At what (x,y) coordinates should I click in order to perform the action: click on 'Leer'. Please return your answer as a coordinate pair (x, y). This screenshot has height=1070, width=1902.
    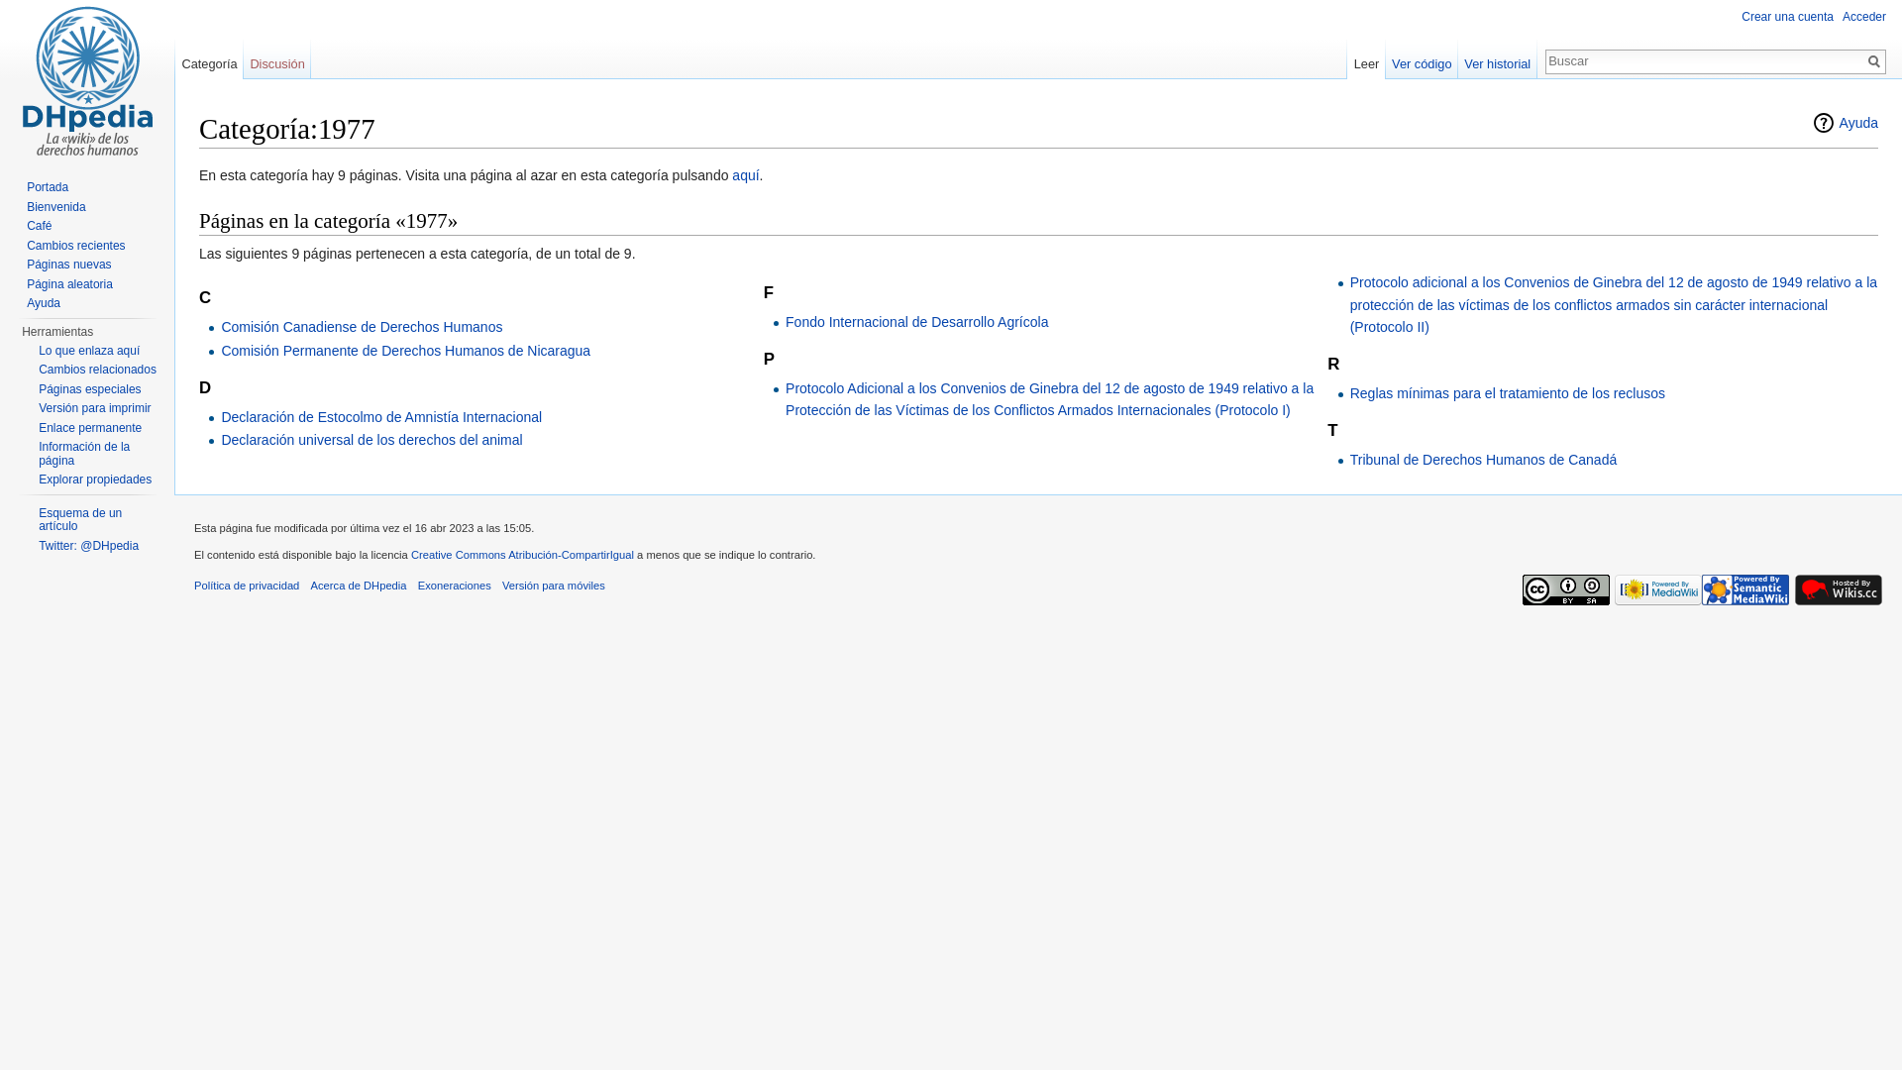
    Looking at the image, I should click on (1364, 58).